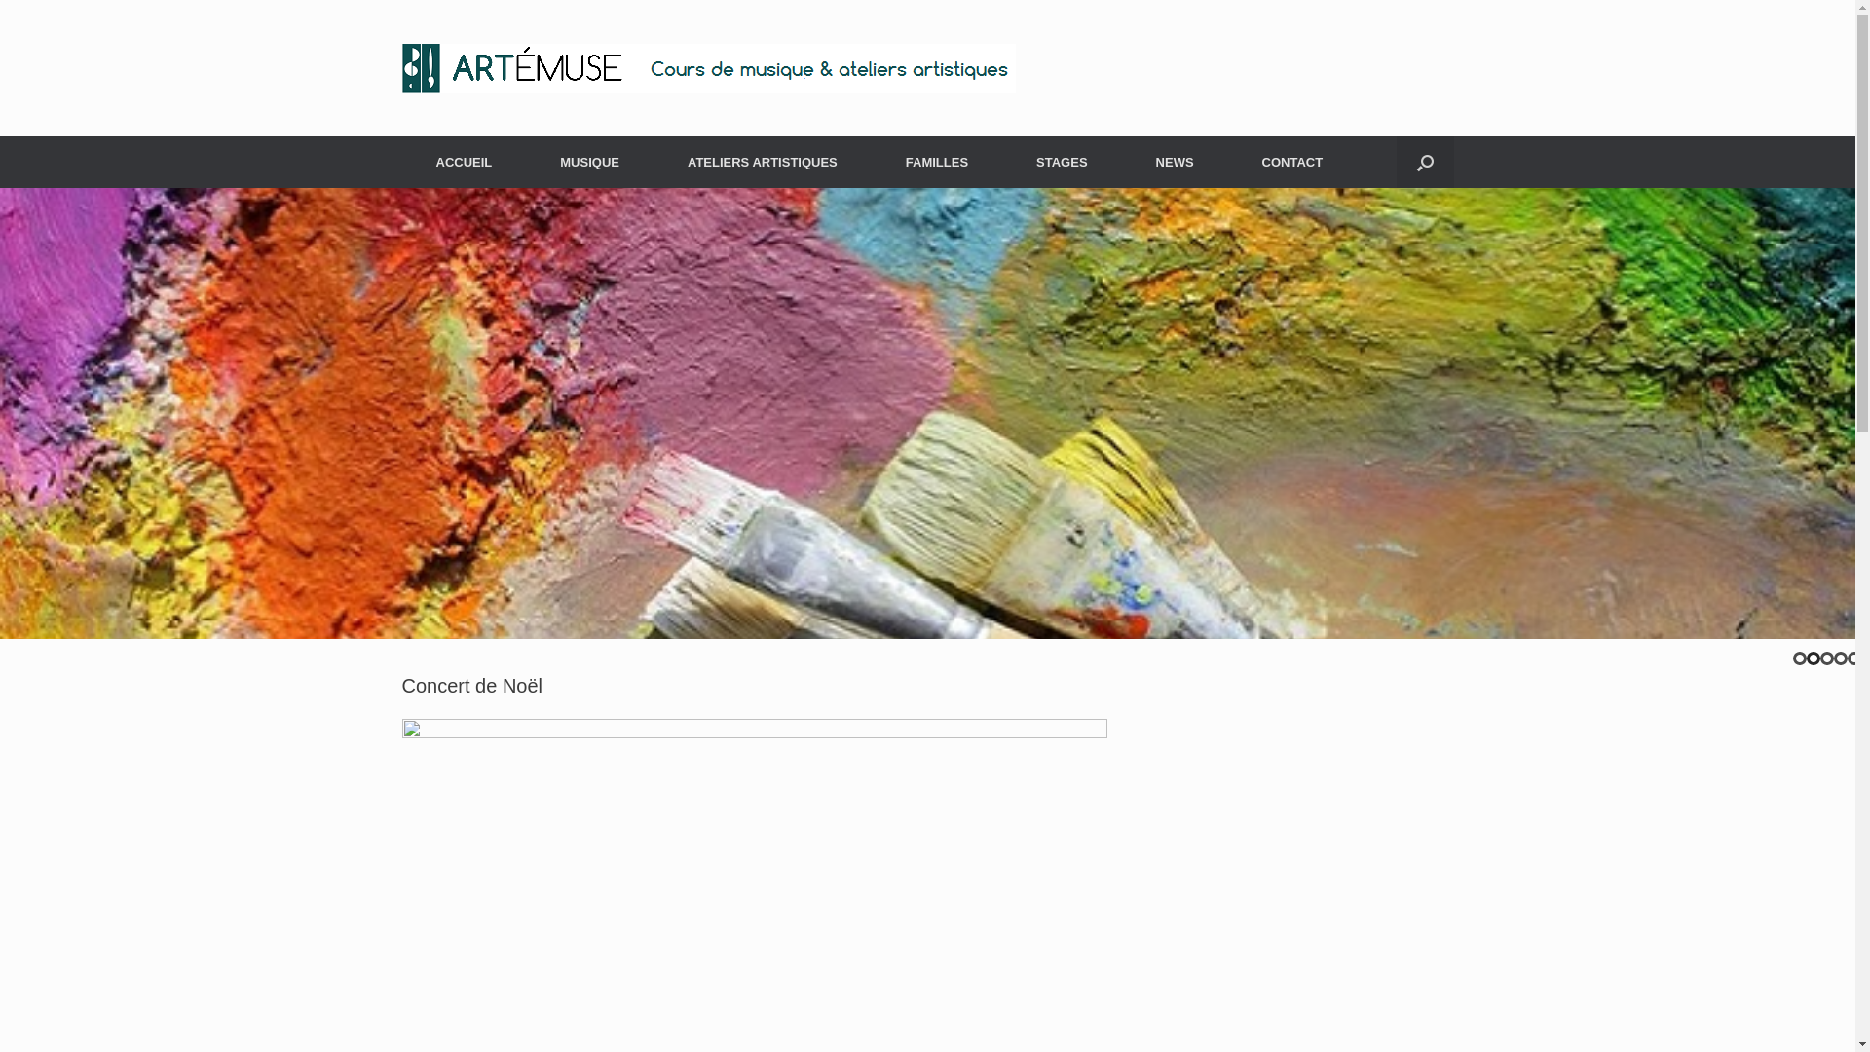  Describe the element at coordinates (1174, 161) in the screenshot. I see `'NEWS'` at that location.